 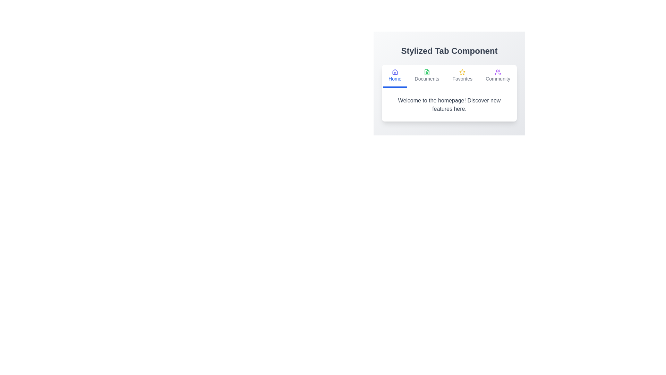 I want to click on the 'Favorites' tab icon in the navigation menu, which is the third tab positioned between the 'Documents' and 'Community' tabs, so click(x=462, y=72).